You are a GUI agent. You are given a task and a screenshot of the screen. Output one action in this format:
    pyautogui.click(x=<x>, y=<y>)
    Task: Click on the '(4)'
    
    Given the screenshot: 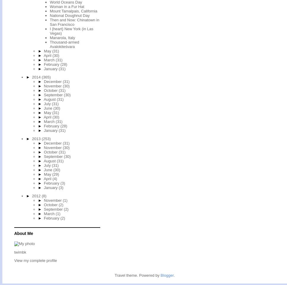 What is the action you would take?
    pyautogui.click(x=55, y=178)
    